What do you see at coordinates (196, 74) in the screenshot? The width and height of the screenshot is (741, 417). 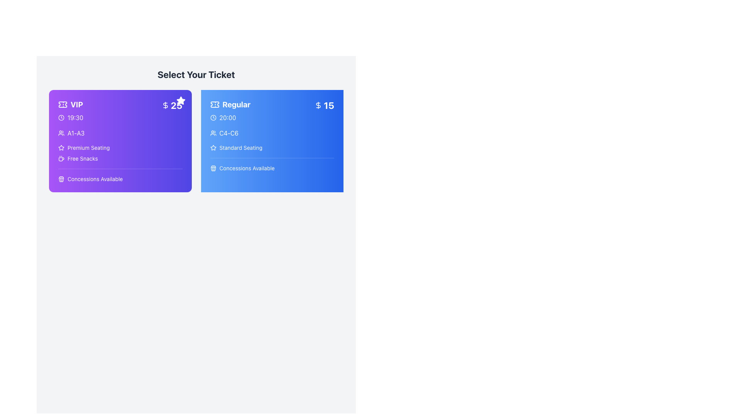 I see `text from the title or heading Text Label located at the top center of the layout, which guides users in the ticket selection section` at bounding box center [196, 74].